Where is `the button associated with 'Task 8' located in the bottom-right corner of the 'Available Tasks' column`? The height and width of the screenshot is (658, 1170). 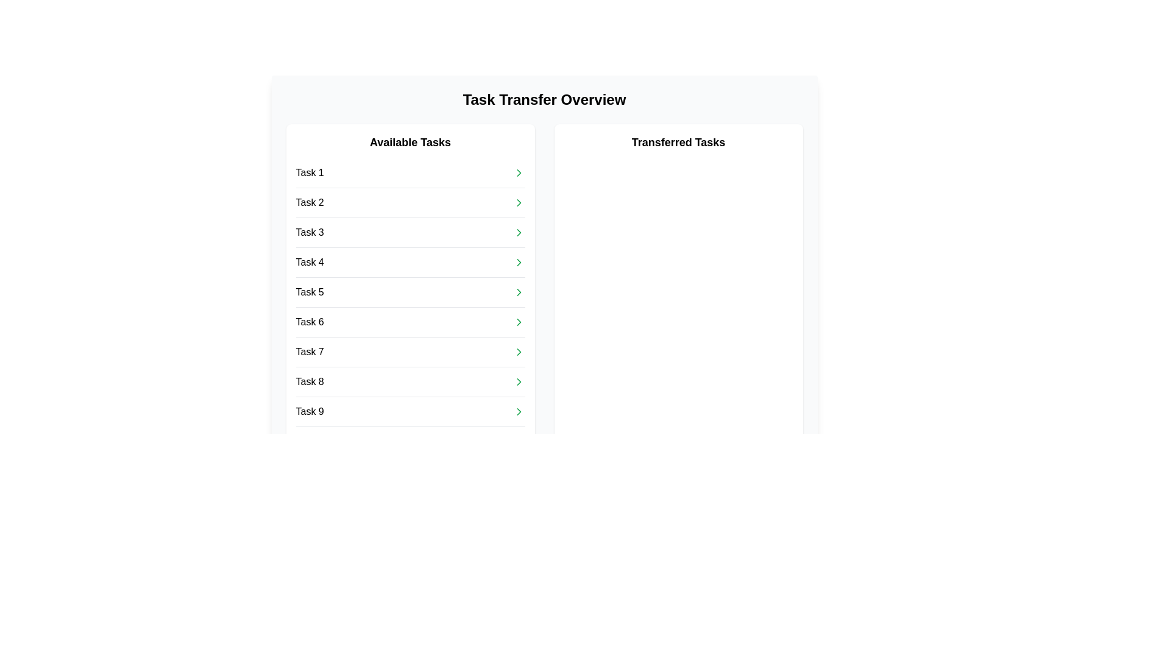
the button associated with 'Task 8' located in the bottom-right corner of the 'Available Tasks' column is located at coordinates (519, 381).